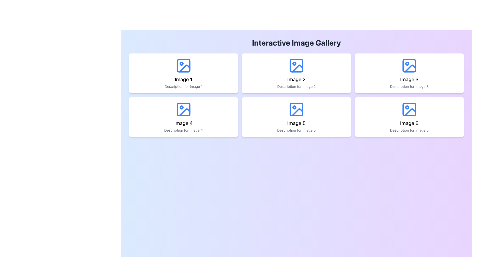 This screenshot has height=275, width=489. Describe the element at coordinates (296, 123) in the screenshot. I see `text of the Text Label positioned at the center of the fifth box in the gallery interface, which serves as a title or identifier for the associated image and description` at that location.